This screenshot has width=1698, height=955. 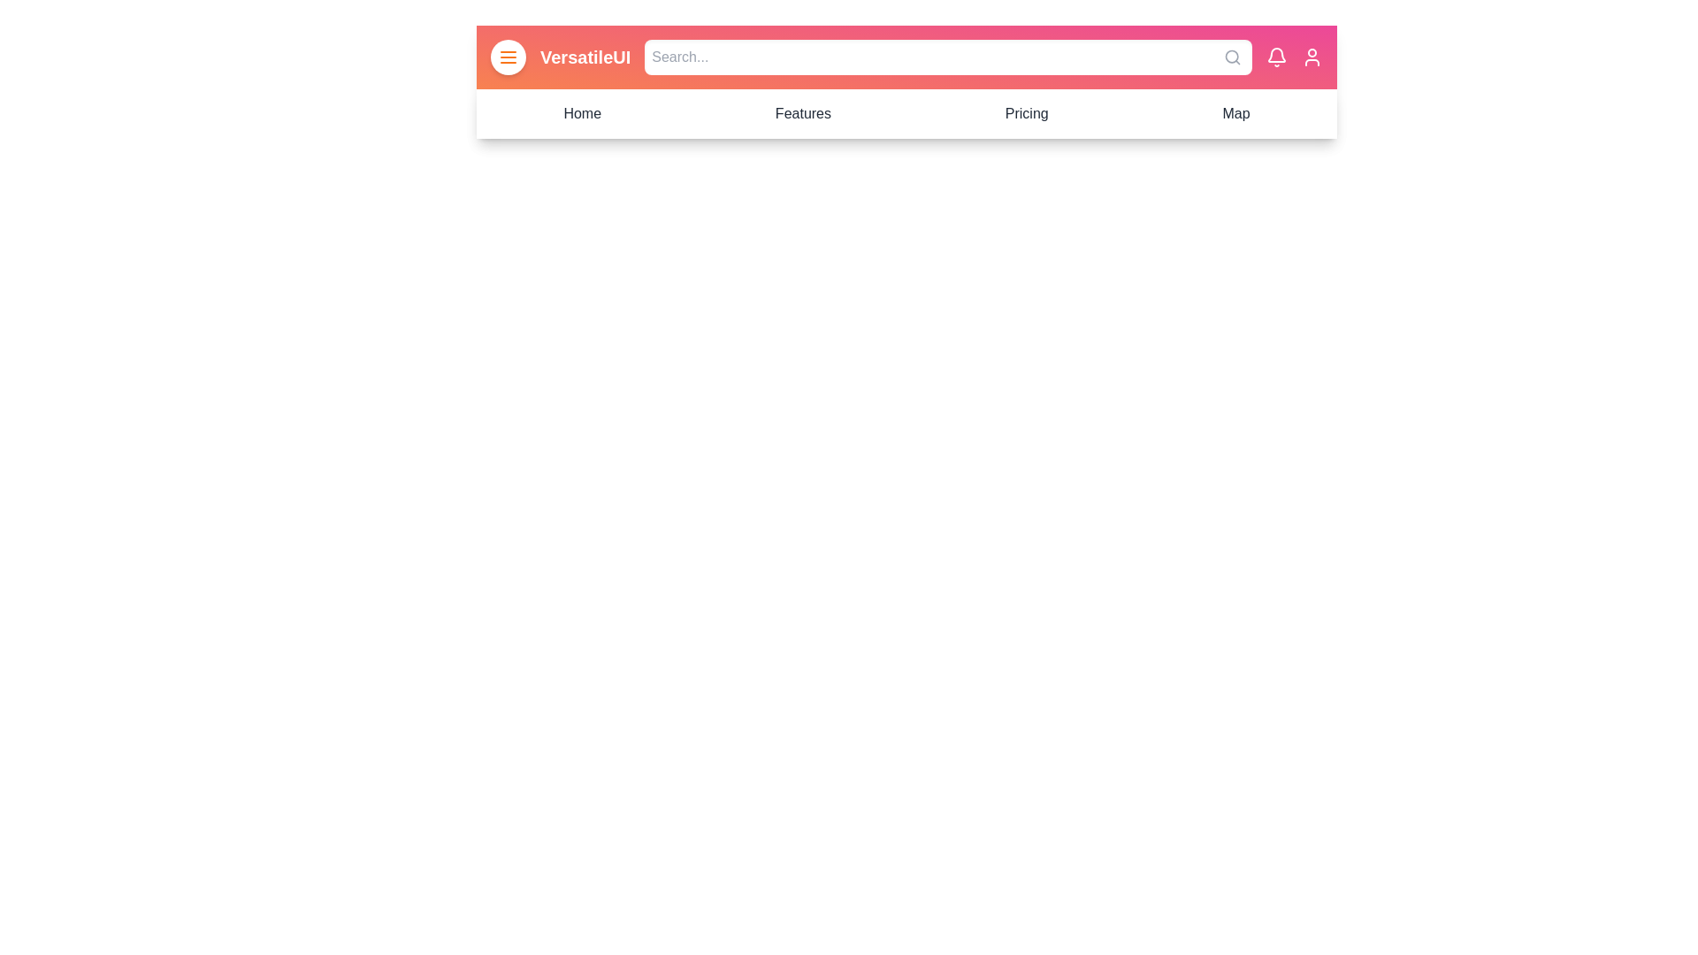 I want to click on the navigation menu item labeled 'Pricing' to navigate to the corresponding section, so click(x=1027, y=113).